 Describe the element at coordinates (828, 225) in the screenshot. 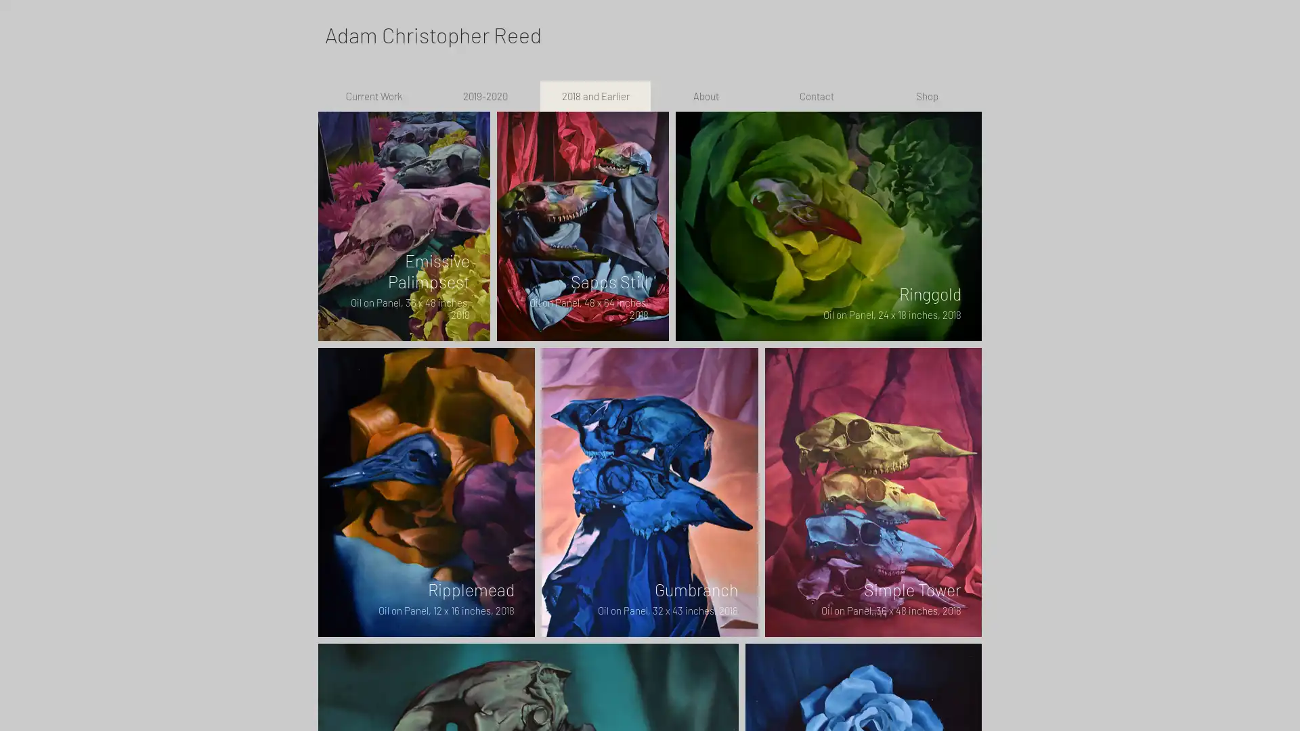

I see `Ringgold` at that location.